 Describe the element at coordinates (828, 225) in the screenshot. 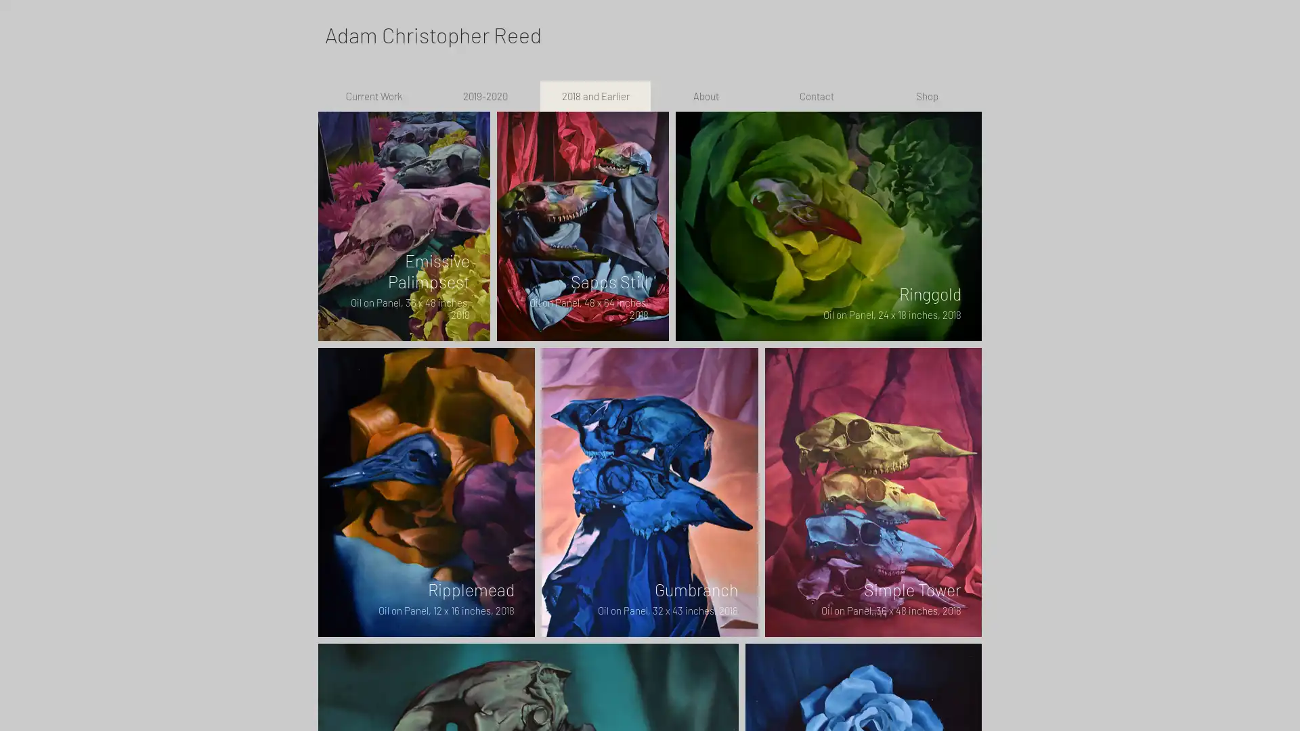

I see `Ringgold` at that location.